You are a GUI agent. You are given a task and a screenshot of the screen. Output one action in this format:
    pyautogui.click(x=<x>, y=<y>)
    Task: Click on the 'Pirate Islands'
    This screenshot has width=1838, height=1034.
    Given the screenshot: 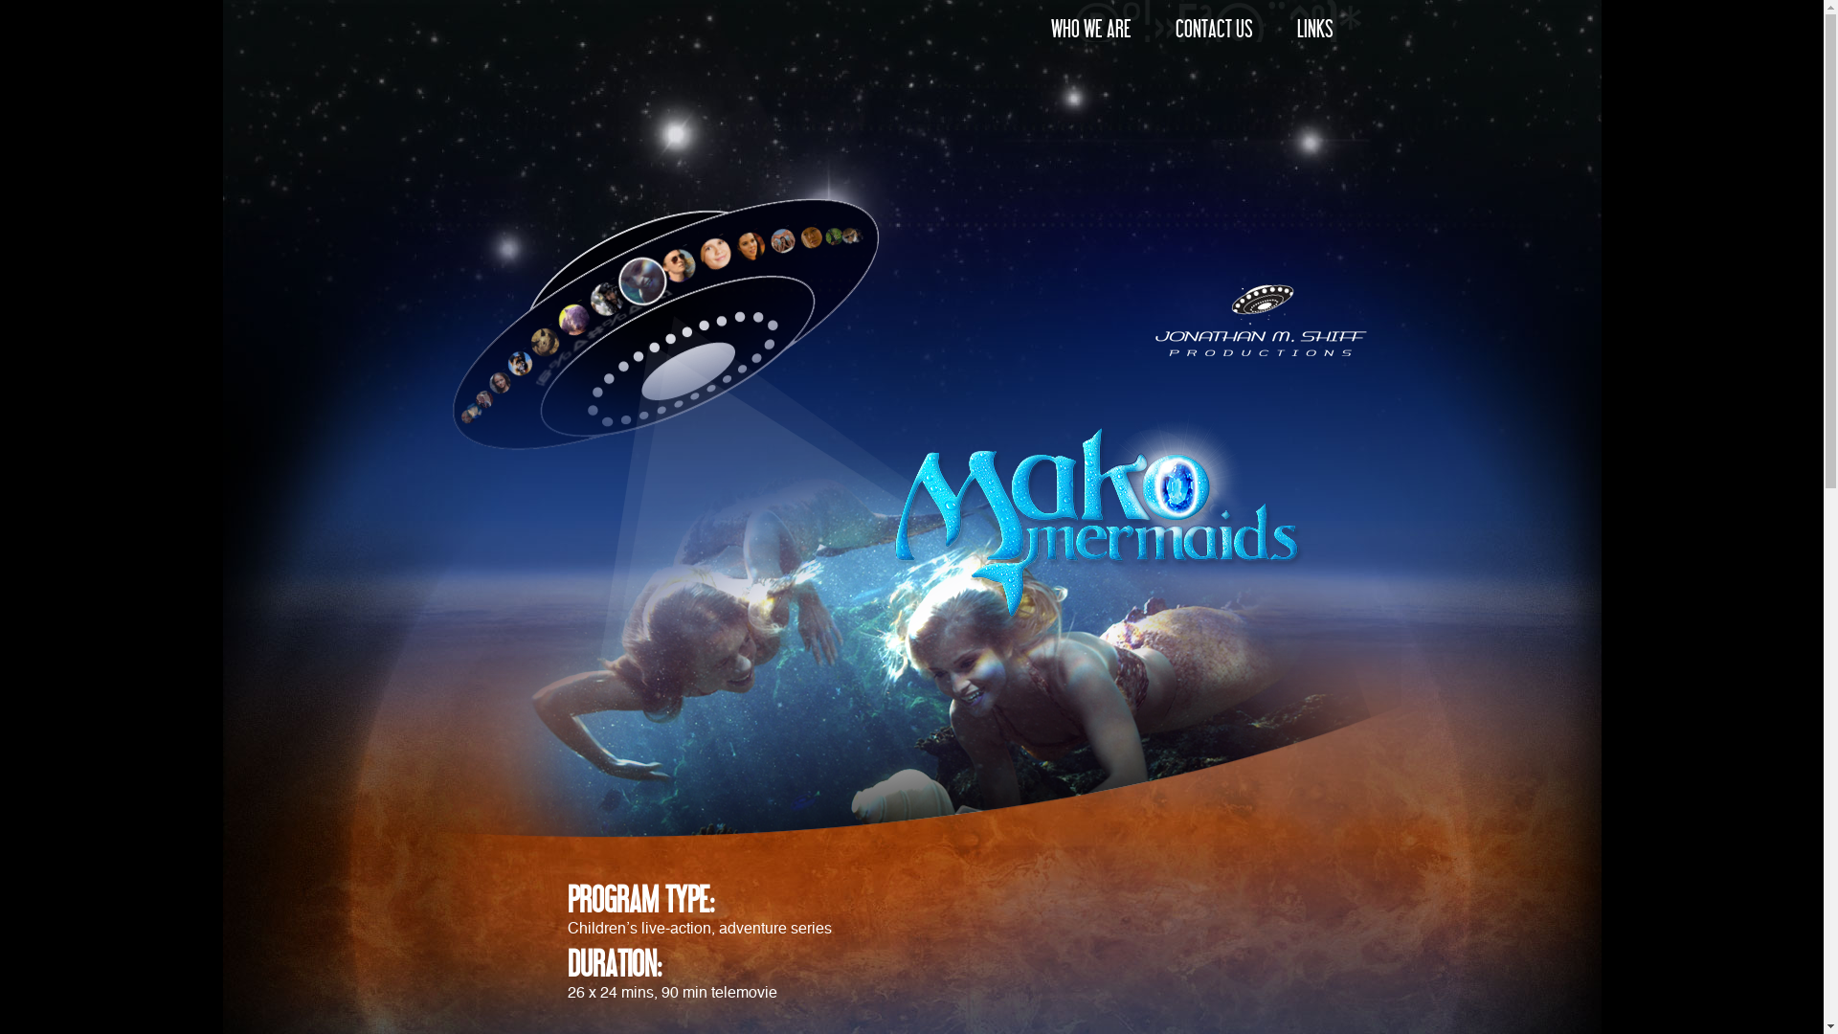 What is the action you would take?
    pyautogui.click(x=853, y=237)
    